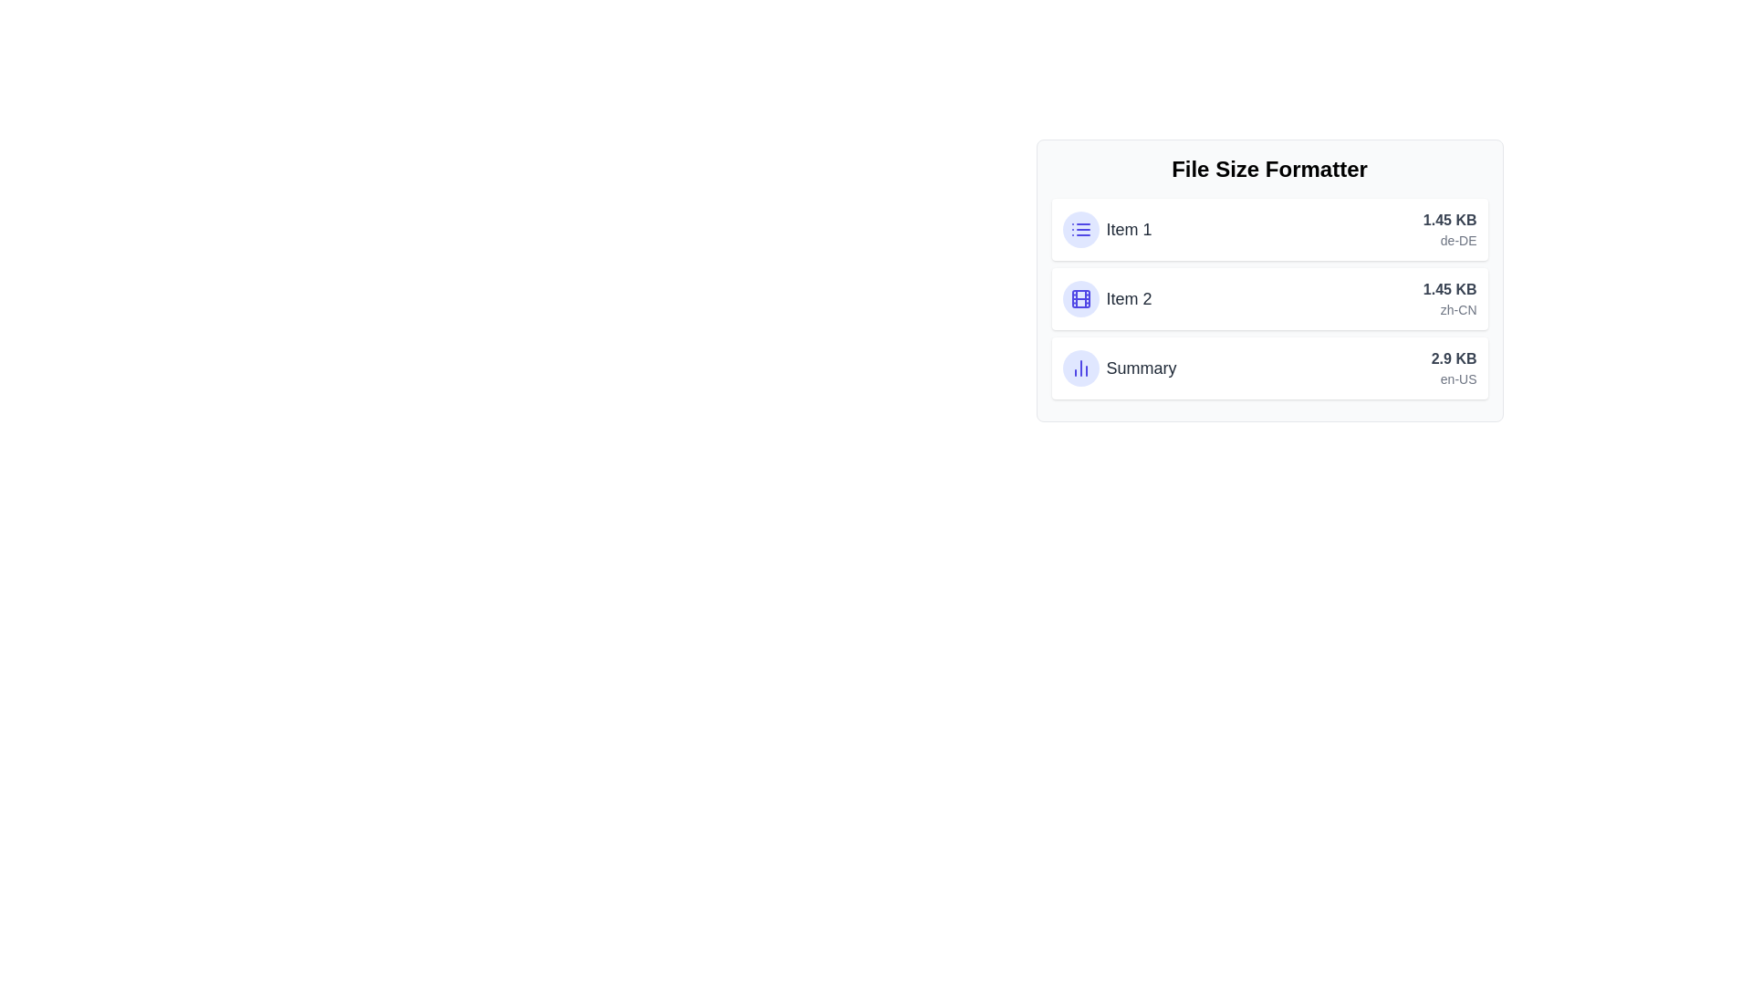  What do you see at coordinates (1453, 378) in the screenshot?
I see `the text label 'en-US' styled with a smaller gray font located on the right side of the '2.9 KB' label within the 'Summary' row of the 'File Size Formatter' panel` at bounding box center [1453, 378].